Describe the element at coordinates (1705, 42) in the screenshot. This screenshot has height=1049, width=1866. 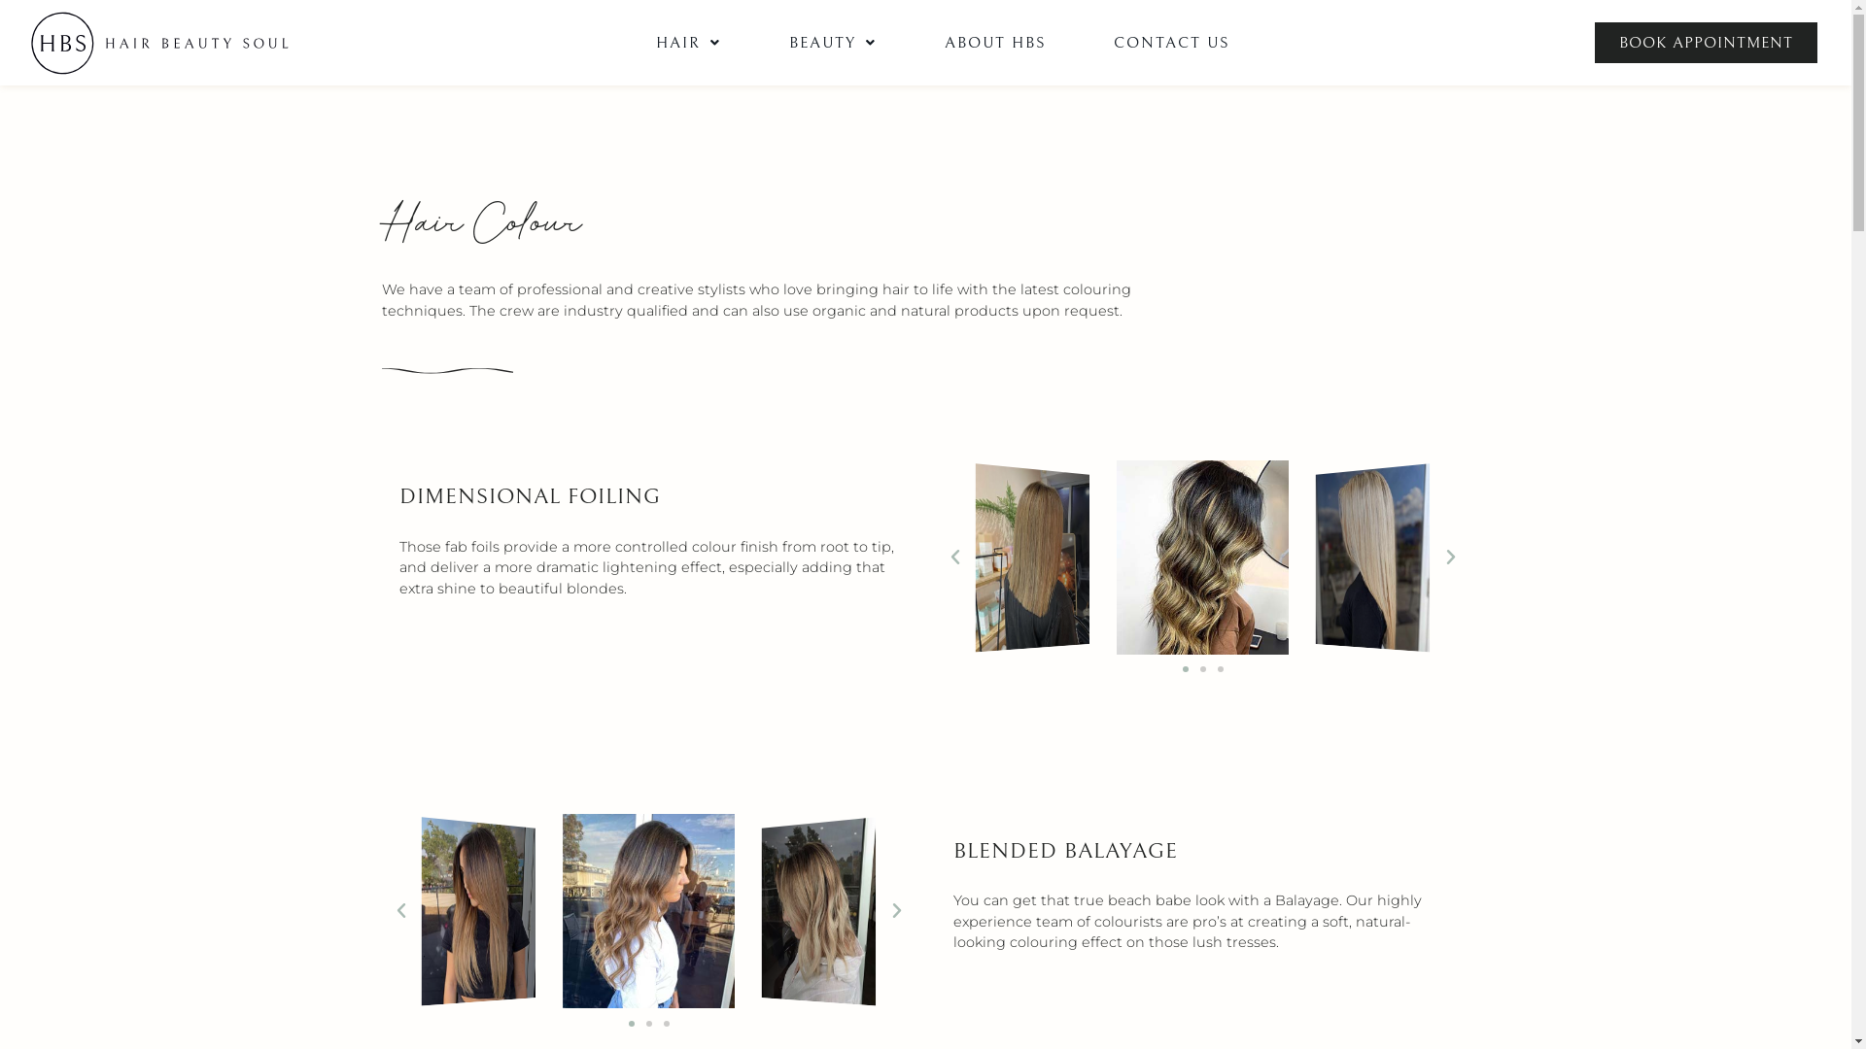
I see `'BOOK APPOINTMENT'` at that location.